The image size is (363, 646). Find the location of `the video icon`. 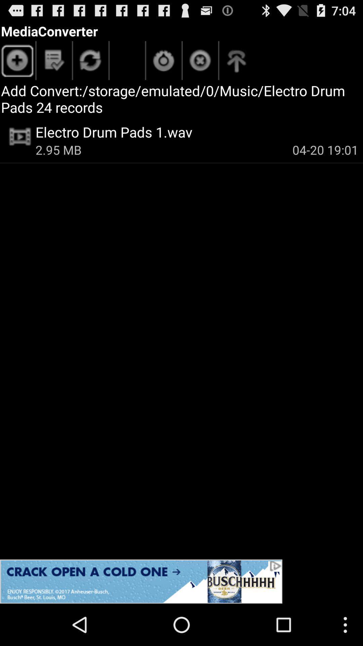

the video icon is located at coordinates (20, 136).